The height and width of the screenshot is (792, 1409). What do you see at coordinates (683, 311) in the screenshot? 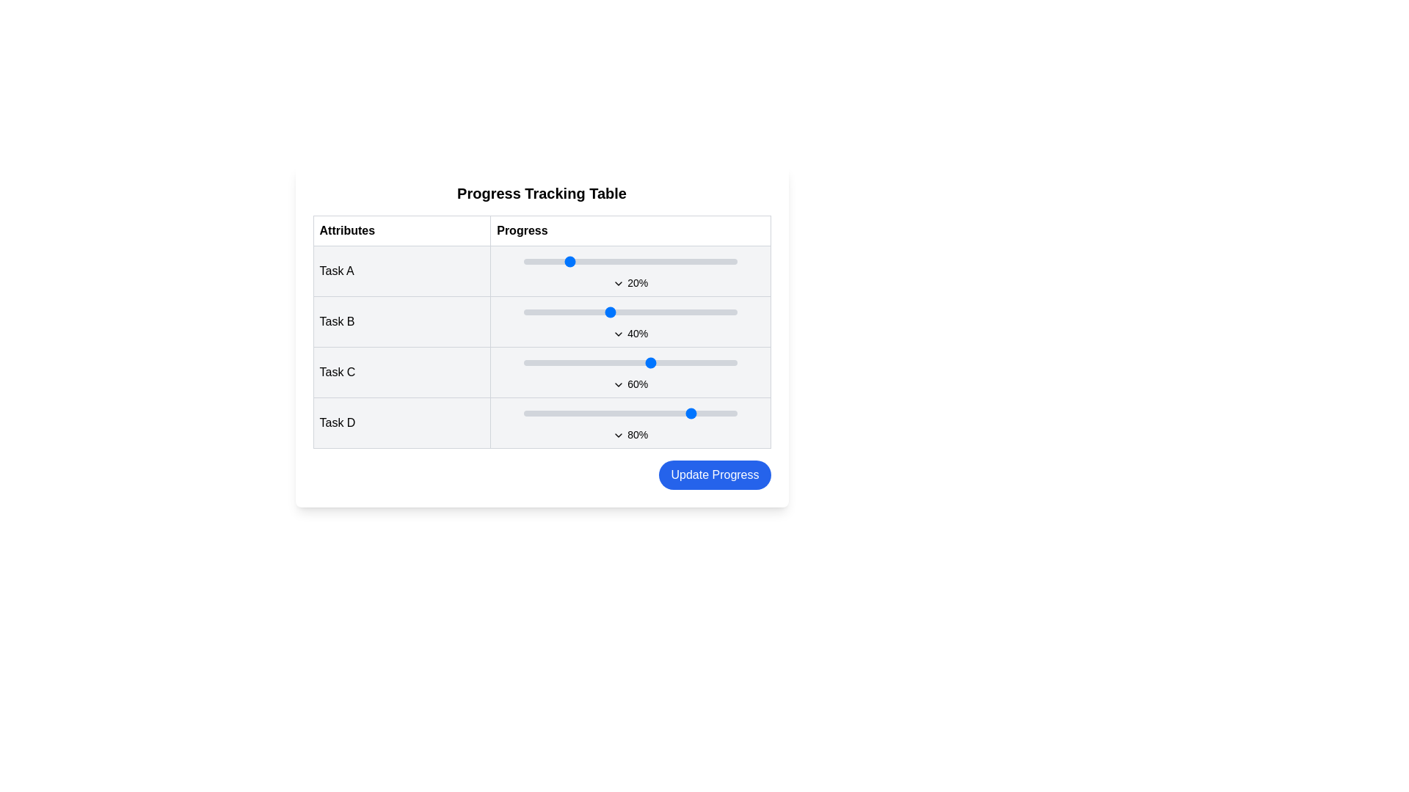
I see `the progress of Task B` at bounding box center [683, 311].